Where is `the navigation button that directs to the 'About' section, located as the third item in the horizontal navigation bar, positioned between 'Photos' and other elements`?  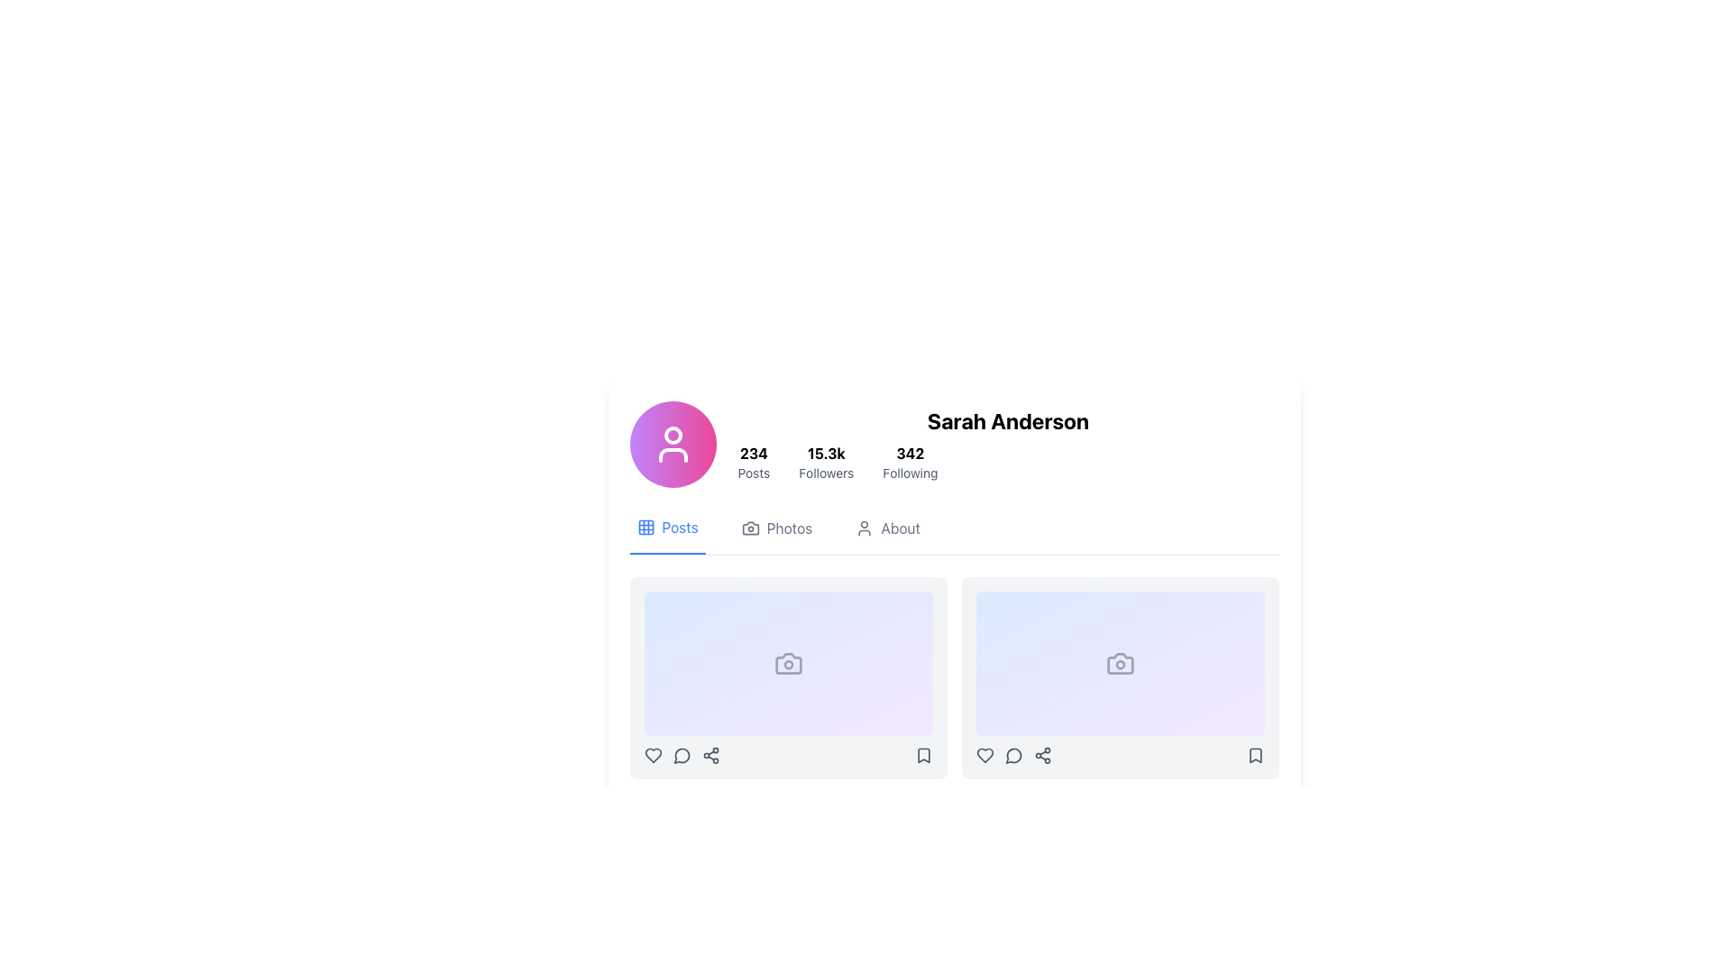 the navigation button that directs to the 'About' section, located as the third item in the horizontal navigation bar, positioned between 'Photos' and other elements is located at coordinates (888, 535).